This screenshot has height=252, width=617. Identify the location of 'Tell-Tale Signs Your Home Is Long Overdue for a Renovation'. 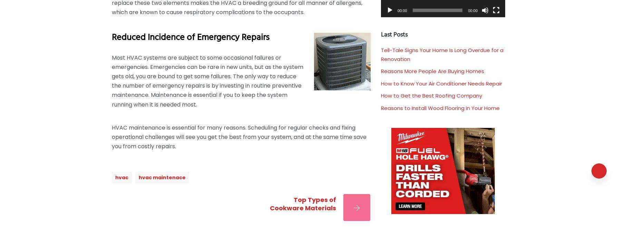
(442, 54).